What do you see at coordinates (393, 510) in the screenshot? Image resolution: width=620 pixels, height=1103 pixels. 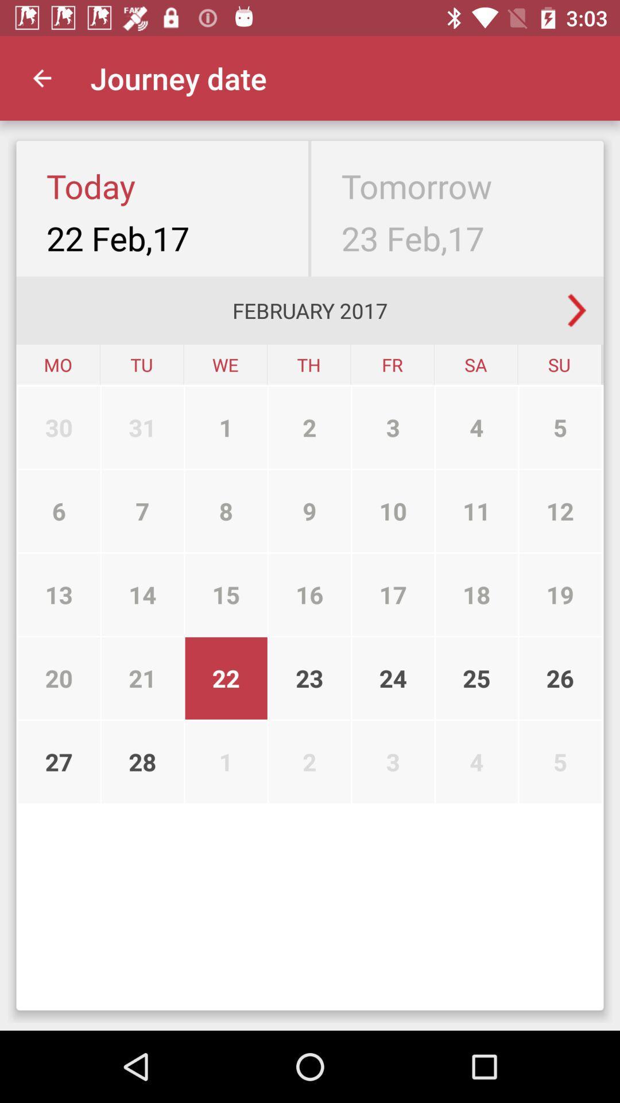 I see `icon to the right of 2 item` at bounding box center [393, 510].